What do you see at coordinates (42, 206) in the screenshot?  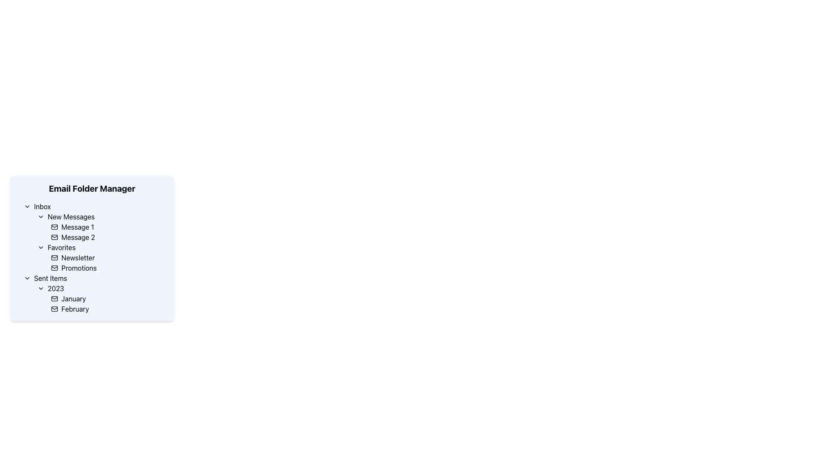 I see `the 'Inbox' text label, which is the second item in the navigation list under the 'Email Folder Manager' title, with a light blue background` at bounding box center [42, 206].